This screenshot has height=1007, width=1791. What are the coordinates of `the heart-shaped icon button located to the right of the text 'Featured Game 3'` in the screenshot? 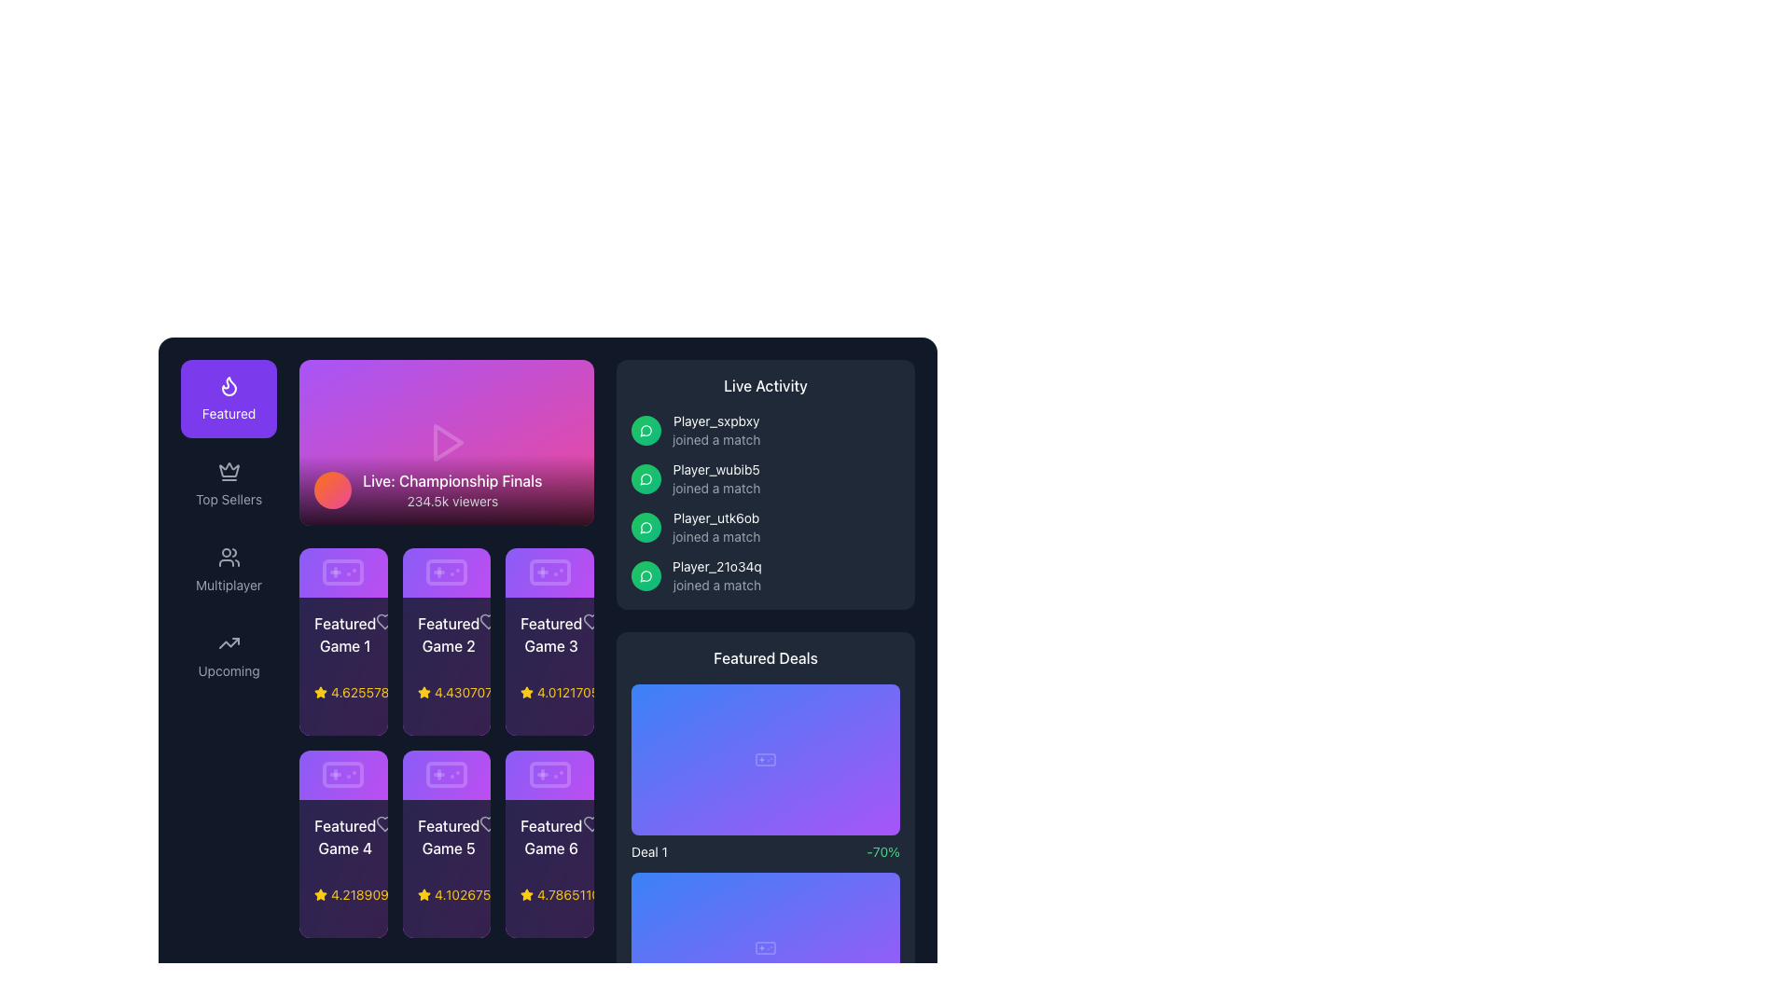 It's located at (590, 621).